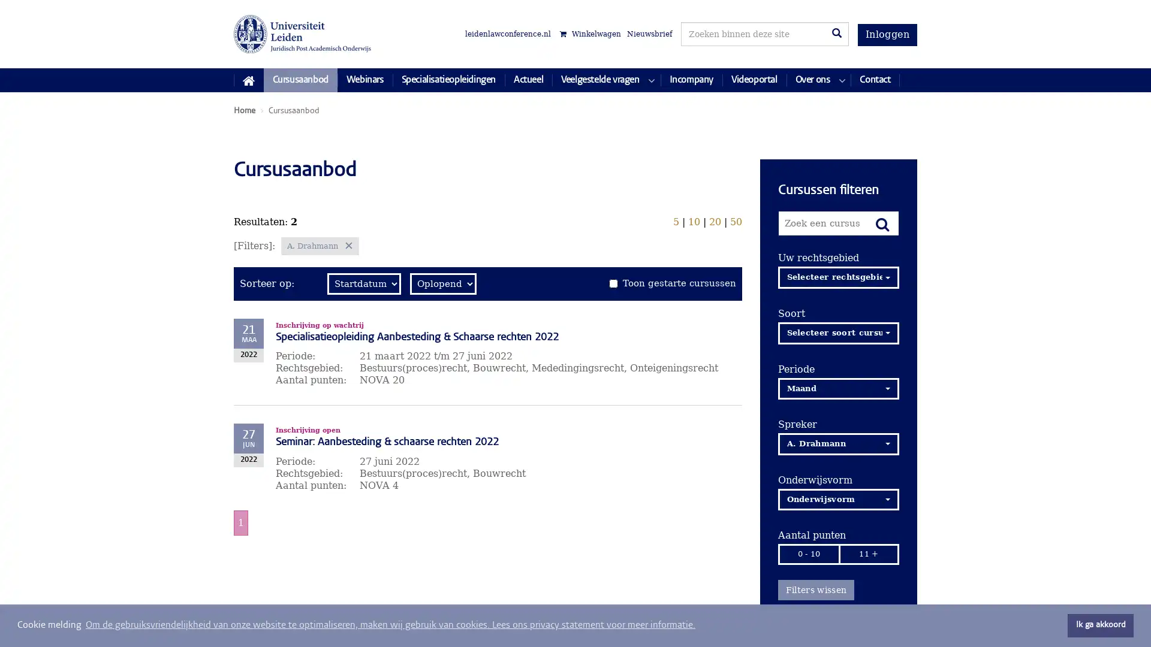 Image resolution: width=1151 pixels, height=647 pixels. What do you see at coordinates (837, 332) in the screenshot?
I see `Selecteer soort cursus` at bounding box center [837, 332].